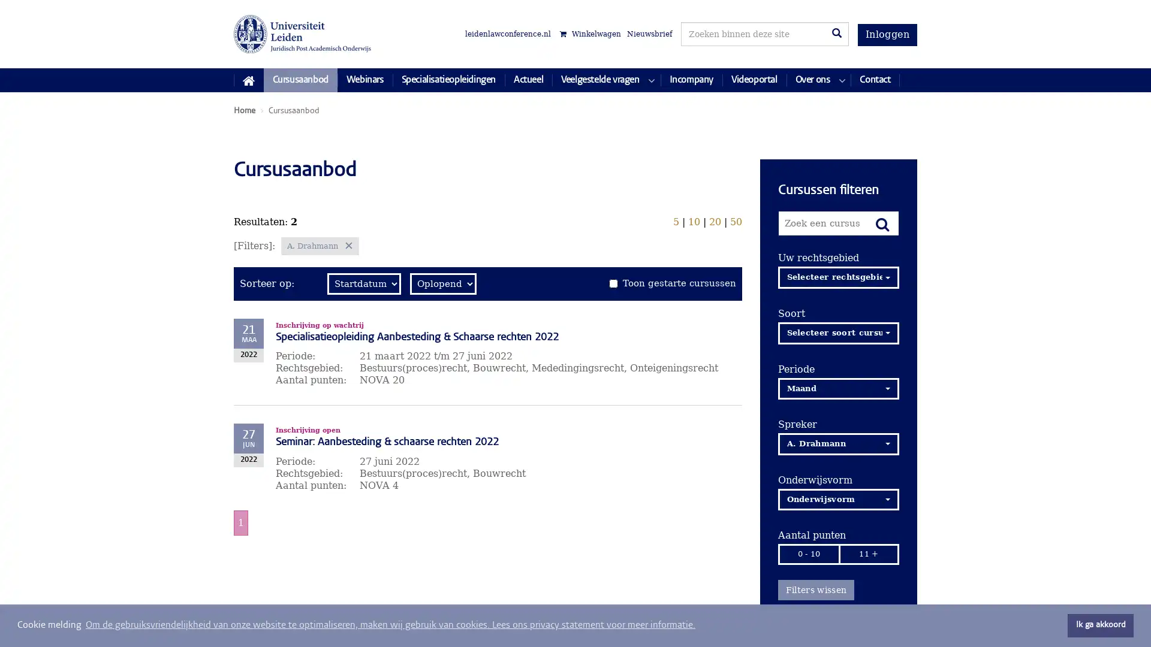 Image resolution: width=1151 pixels, height=647 pixels. What do you see at coordinates (837, 332) in the screenshot?
I see `Selecteer soort cursus` at bounding box center [837, 332].